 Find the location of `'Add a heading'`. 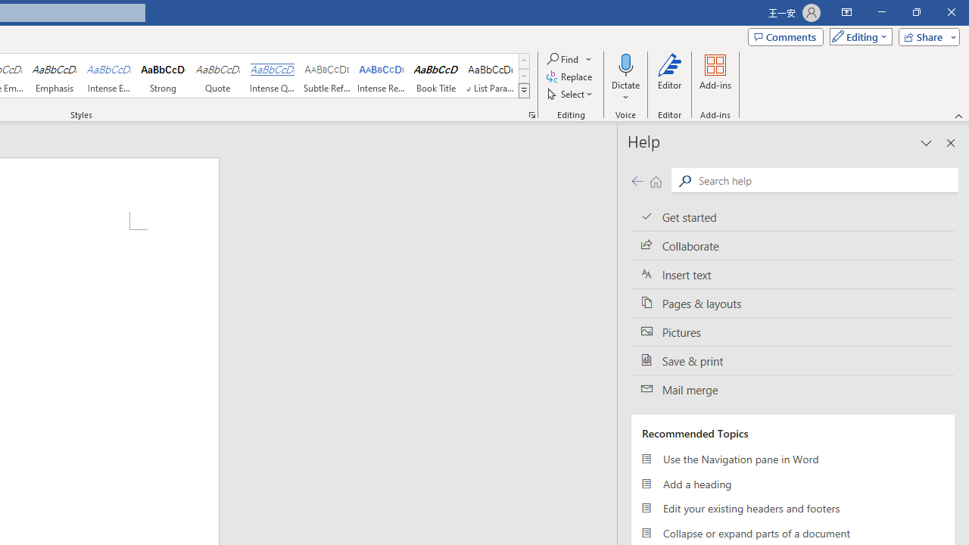

'Add a heading' is located at coordinates (792, 484).